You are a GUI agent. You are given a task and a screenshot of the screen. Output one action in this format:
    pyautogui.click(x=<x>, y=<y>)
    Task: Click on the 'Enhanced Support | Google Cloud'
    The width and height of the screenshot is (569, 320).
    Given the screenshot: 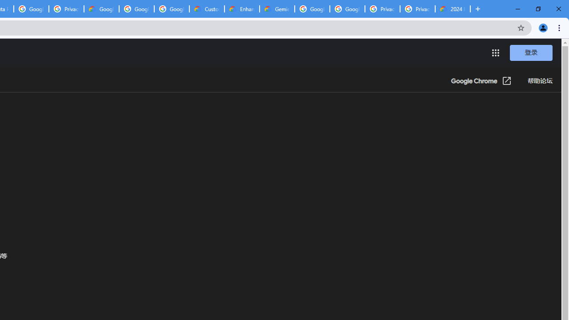 What is the action you would take?
    pyautogui.click(x=242, y=9)
    